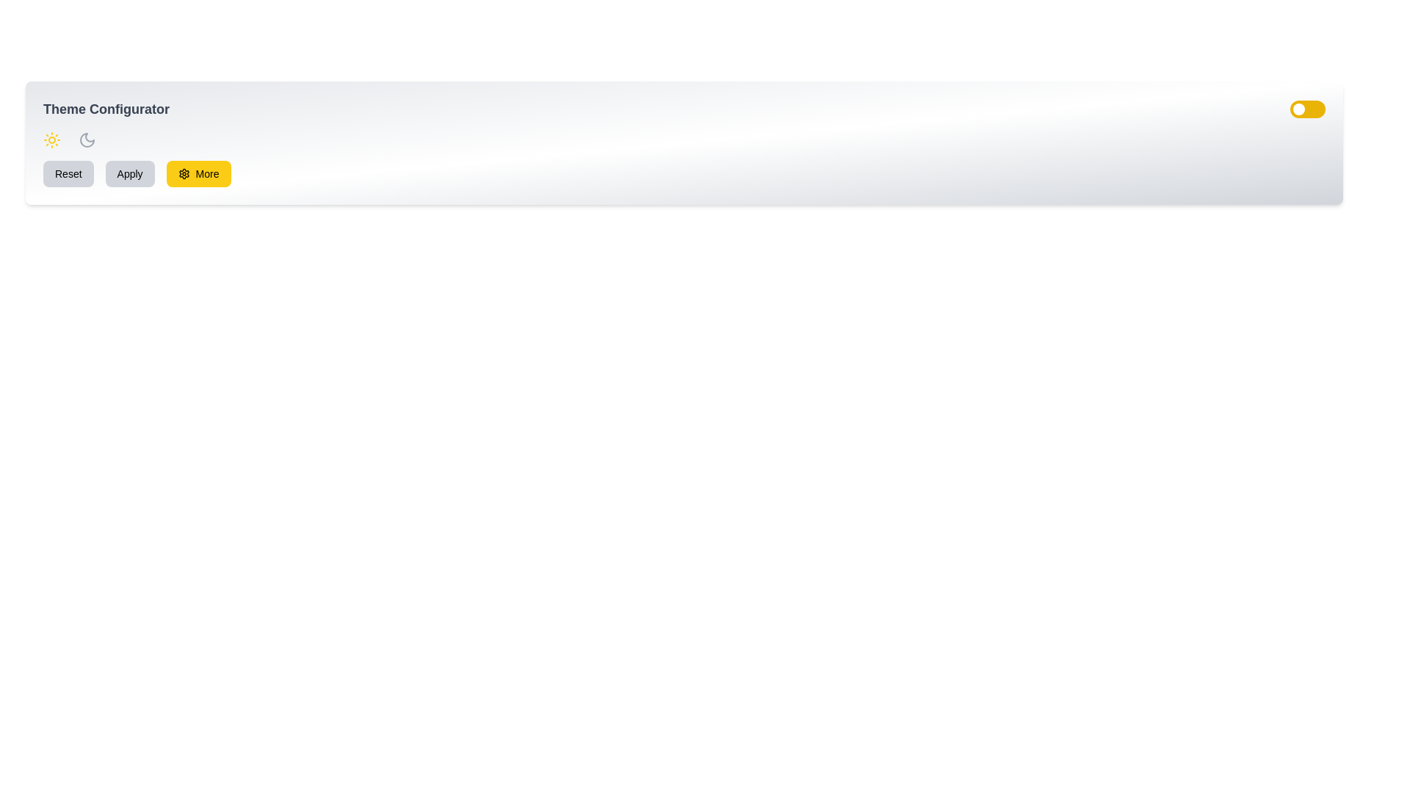  I want to click on the small white circular component of the yellow toggle switch indicator from the left end, so click(1299, 109).